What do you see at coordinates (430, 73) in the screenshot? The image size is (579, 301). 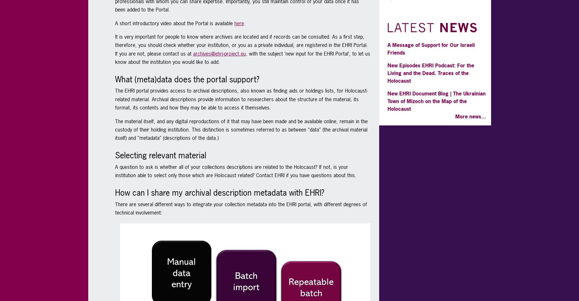 I see `'New Episodes EHRI Podcast: For the Living and the Dead. Traces of the Holocaust'` at bounding box center [430, 73].